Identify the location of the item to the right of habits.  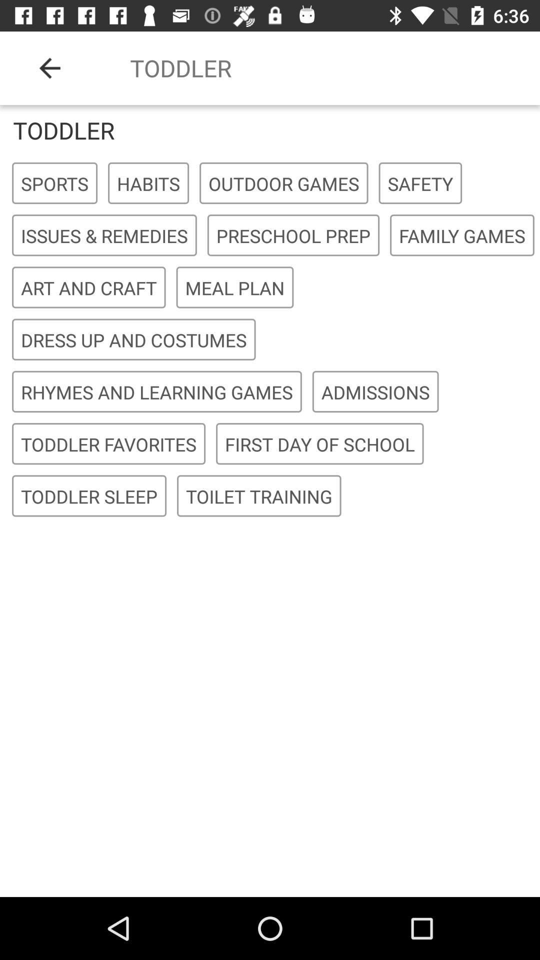
(283, 183).